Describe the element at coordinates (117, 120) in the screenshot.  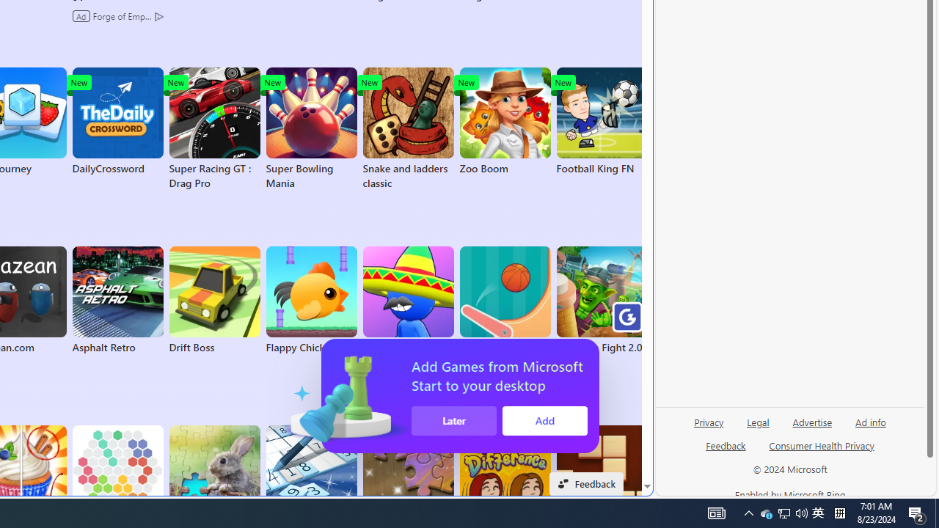
I see `'DailyCrossword'` at that location.